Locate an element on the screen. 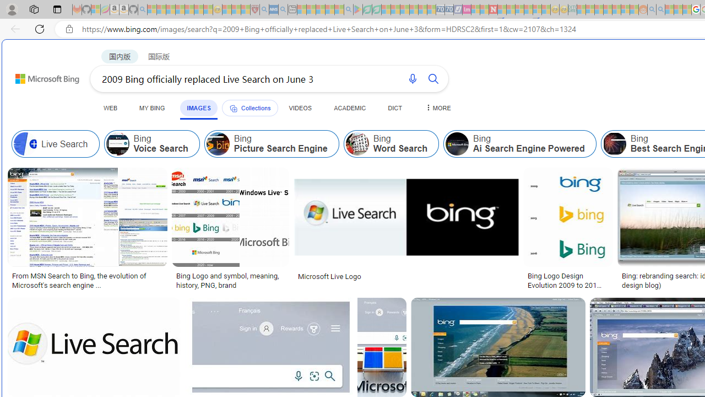 The image size is (705, 397). 'Expert Portfolios - Sleeping' is located at coordinates (607, 9).